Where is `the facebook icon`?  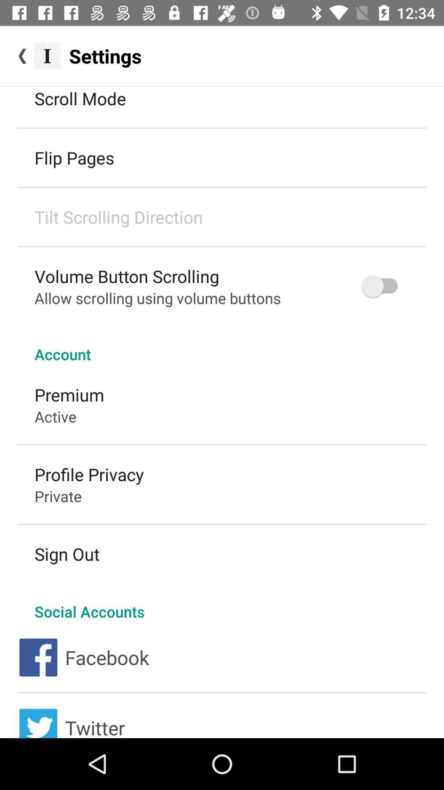
the facebook icon is located at coordinates (106, 657).